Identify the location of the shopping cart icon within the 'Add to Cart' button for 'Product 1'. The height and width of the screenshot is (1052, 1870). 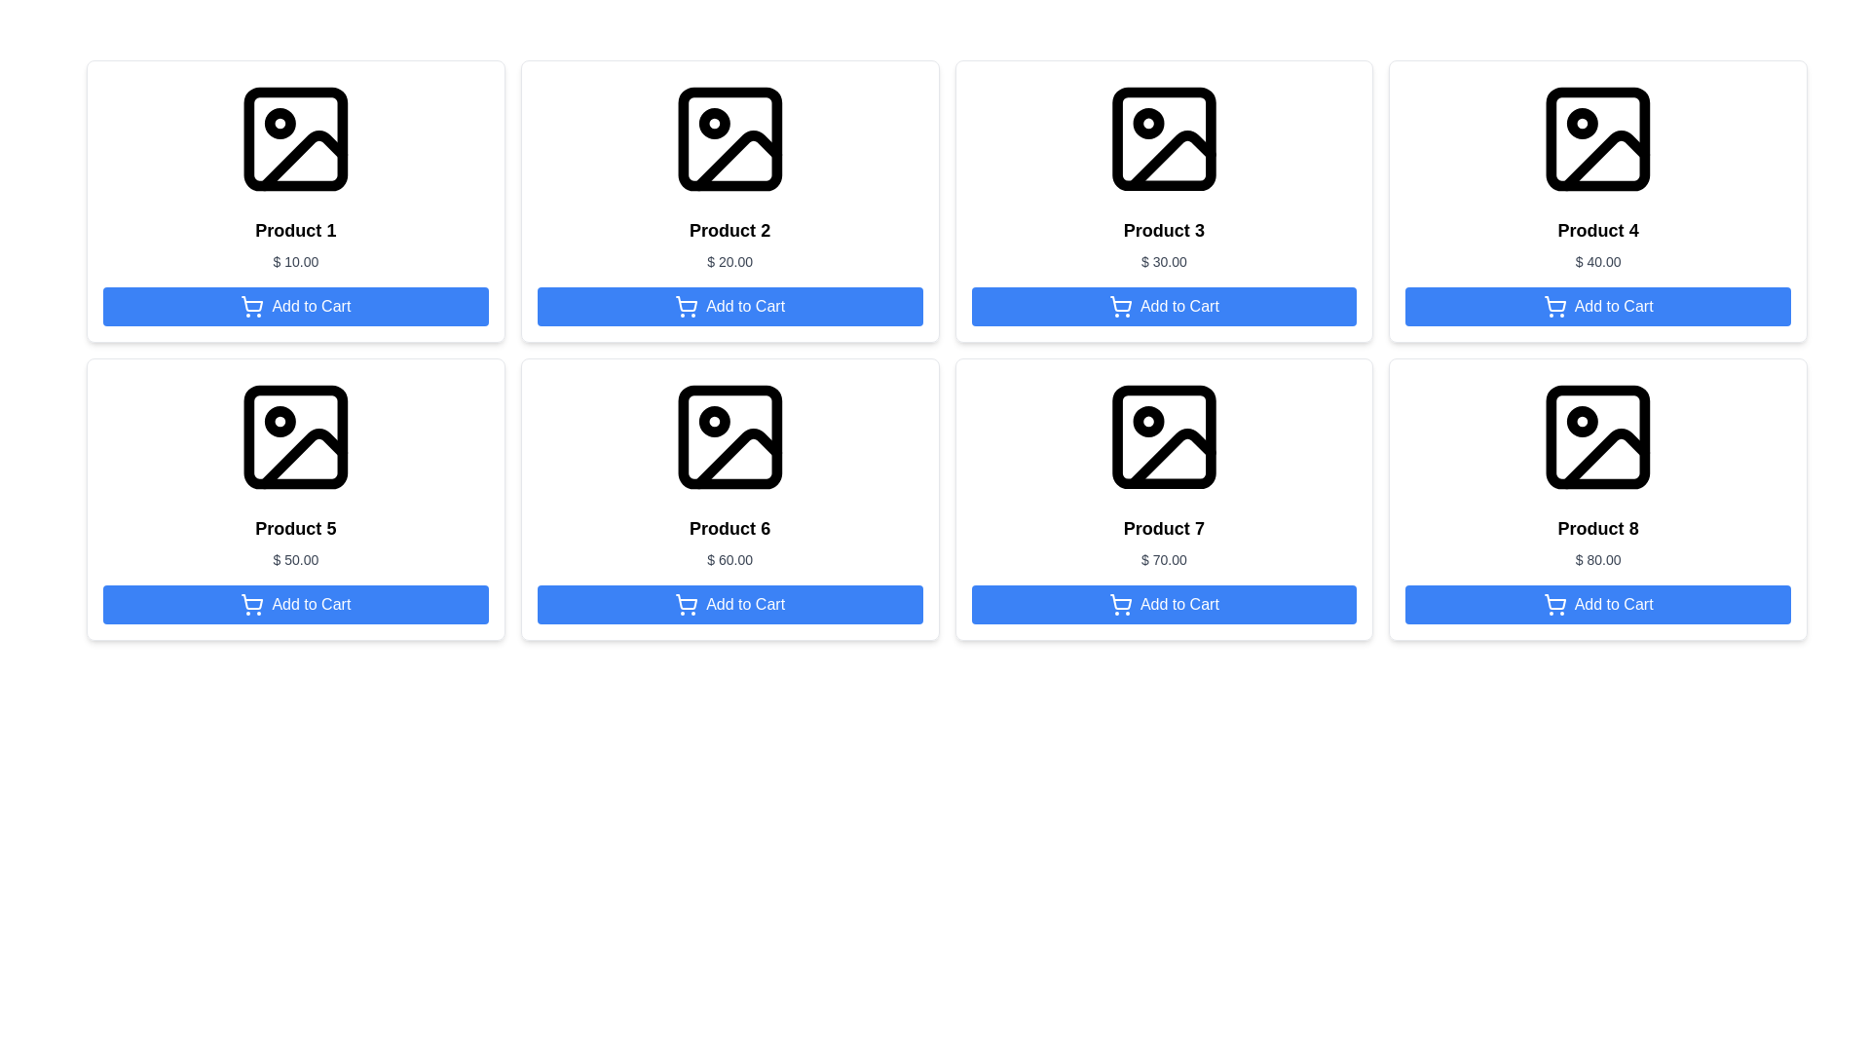
(251, 307).